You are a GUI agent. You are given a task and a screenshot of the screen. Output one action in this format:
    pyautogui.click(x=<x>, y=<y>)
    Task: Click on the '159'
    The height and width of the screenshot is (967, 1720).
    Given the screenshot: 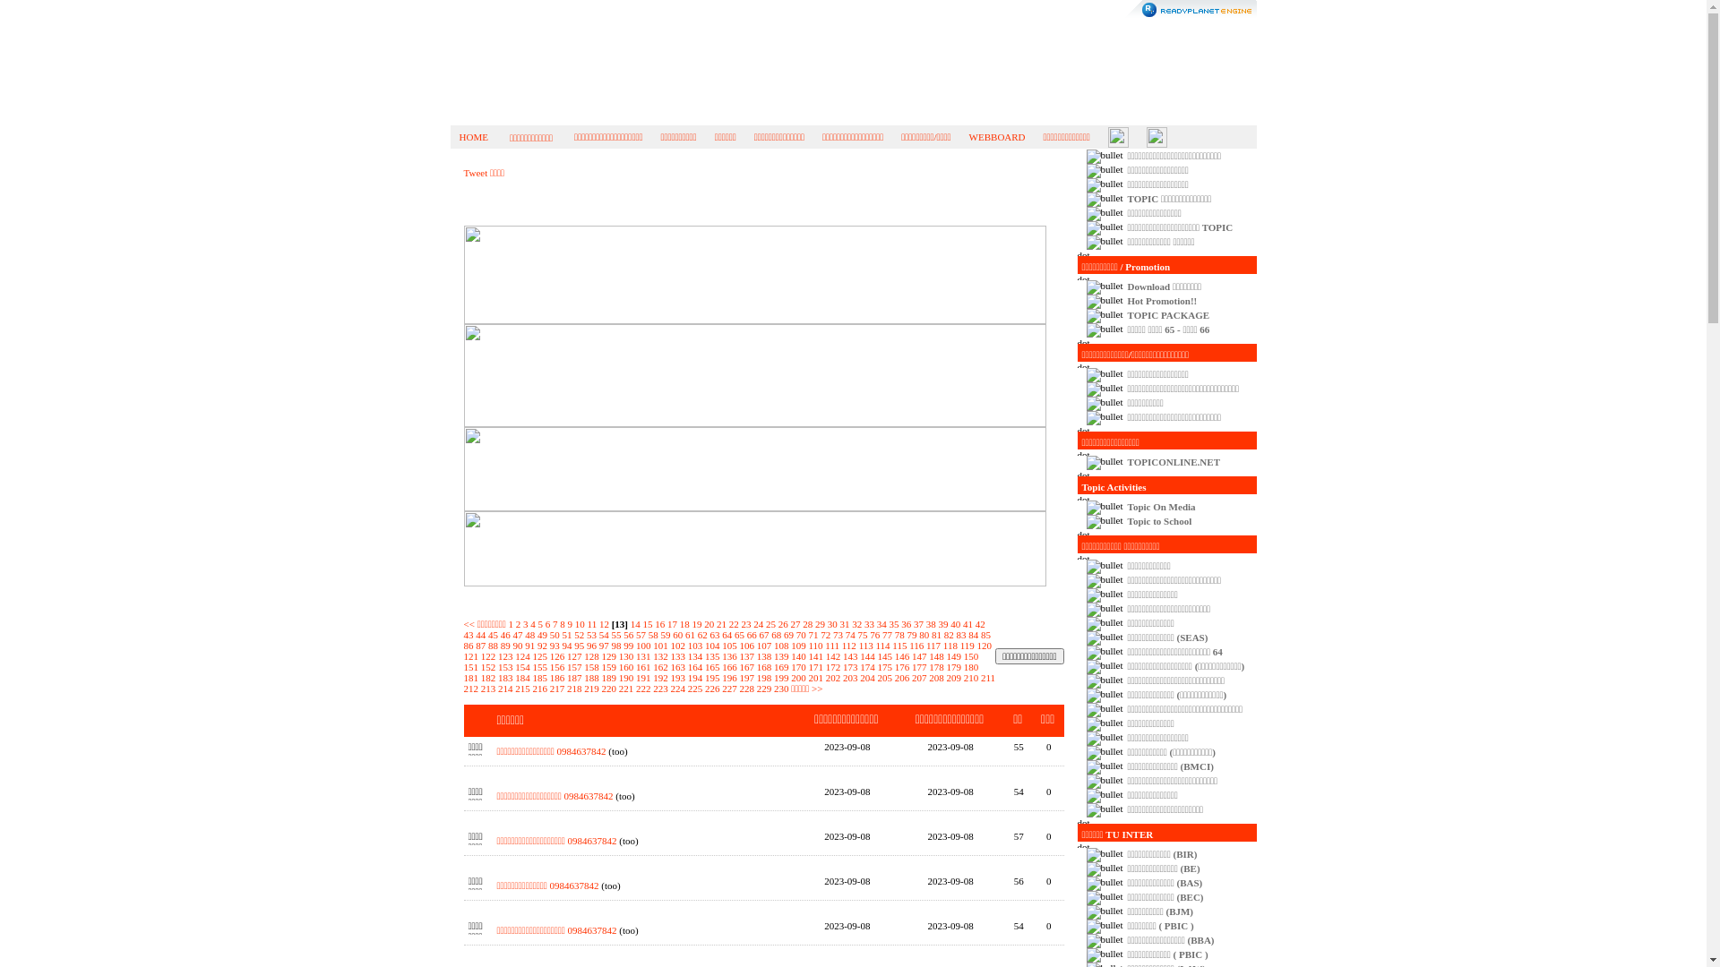 What is the action you would take?
    pyautogui.click(x=602, y=666)
    